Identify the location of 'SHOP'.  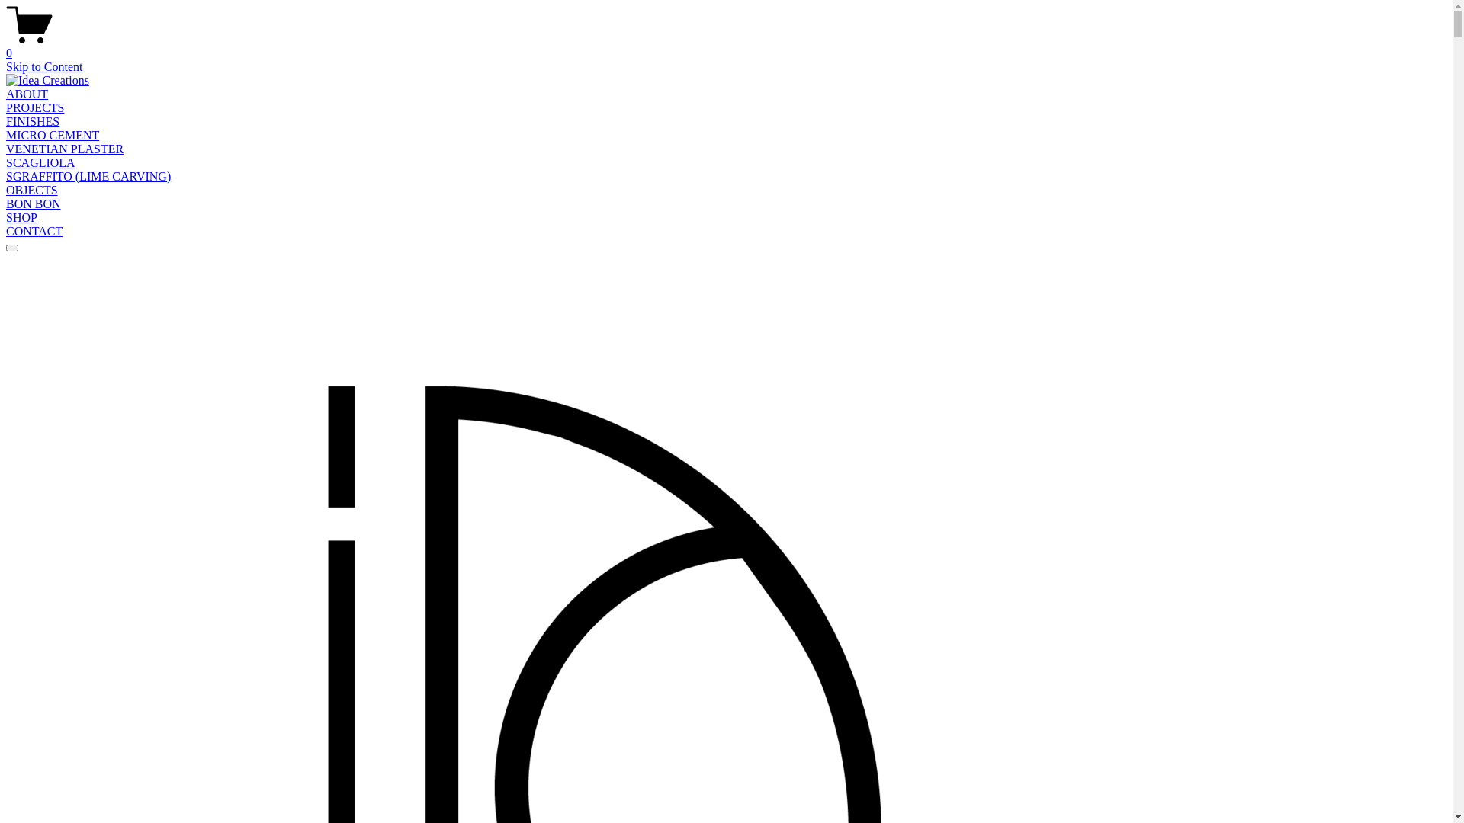
(6, 217).